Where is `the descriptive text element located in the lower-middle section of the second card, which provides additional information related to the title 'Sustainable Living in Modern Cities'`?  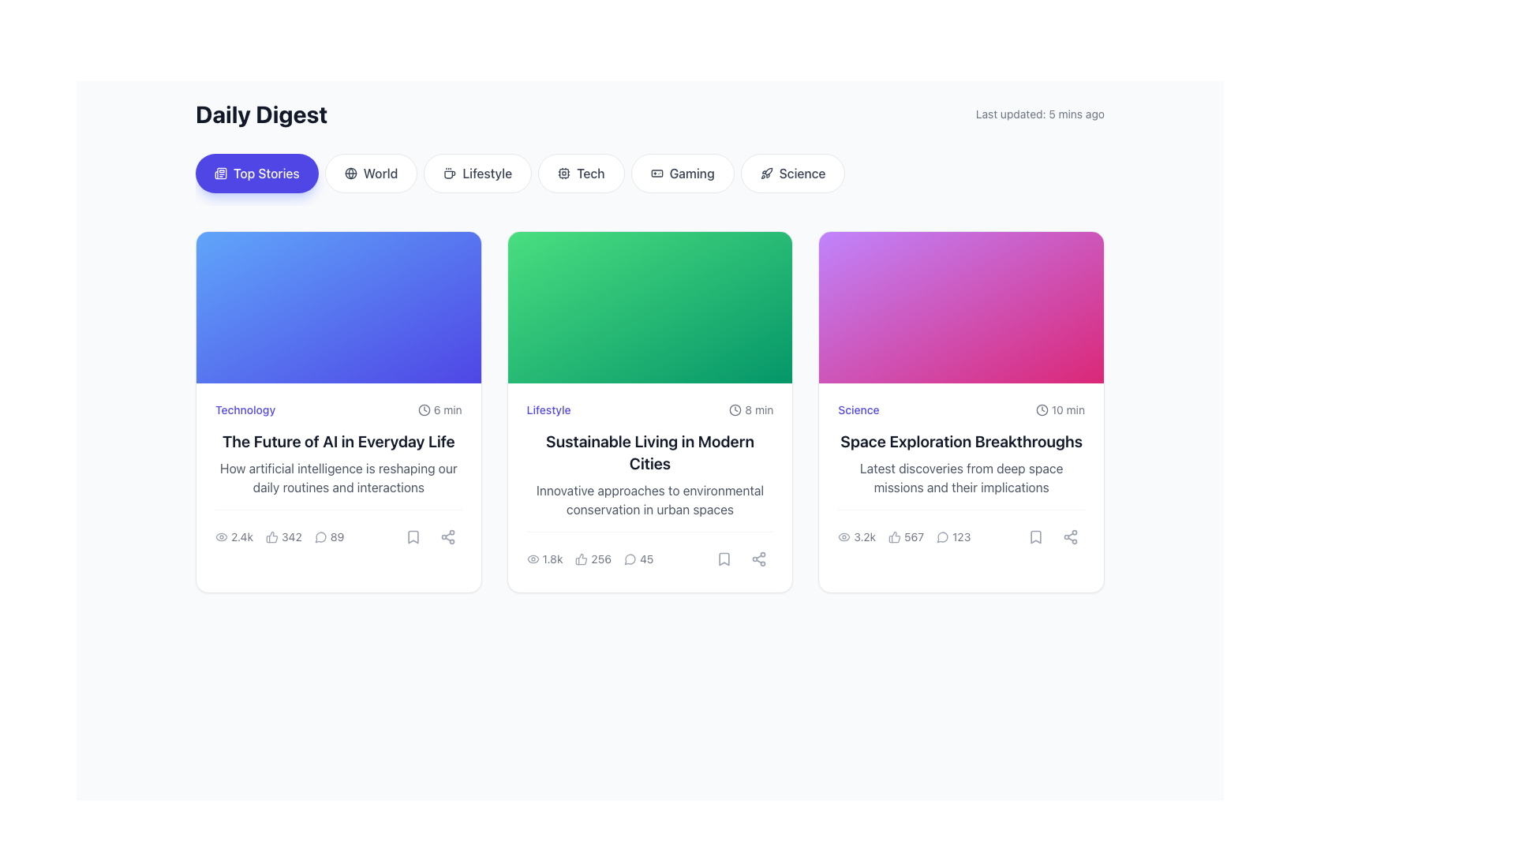
the descriptive text element located in the lower-middle section of the second card, which provides additional information related to the title 'Sustainable Living in Modern Cities' is located at coordinates (650, 499).